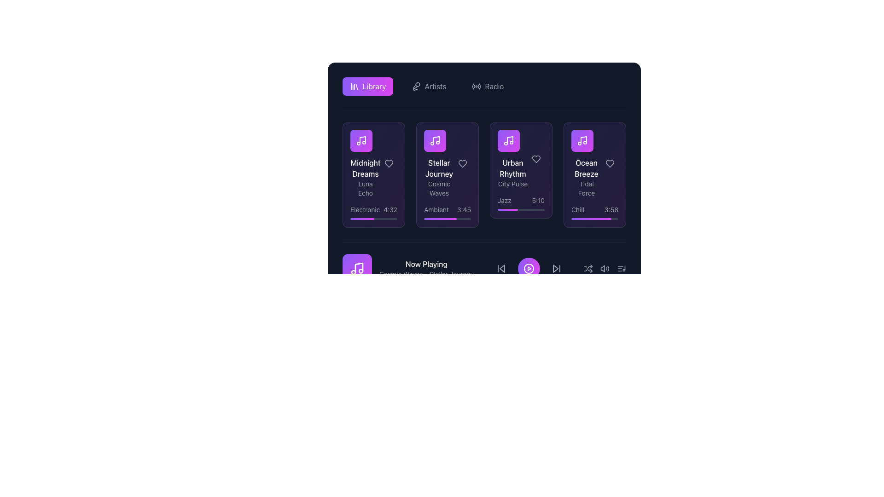 This screenshot has width=884, height=497. Describe the element at coordinates (439, 168) in the screenshot. I see `the 'Stellar Journey' text label element, which is styled in white font and positioned within a card-like structure below an icon and above the 'Cosmic Waves' text element` at that location.